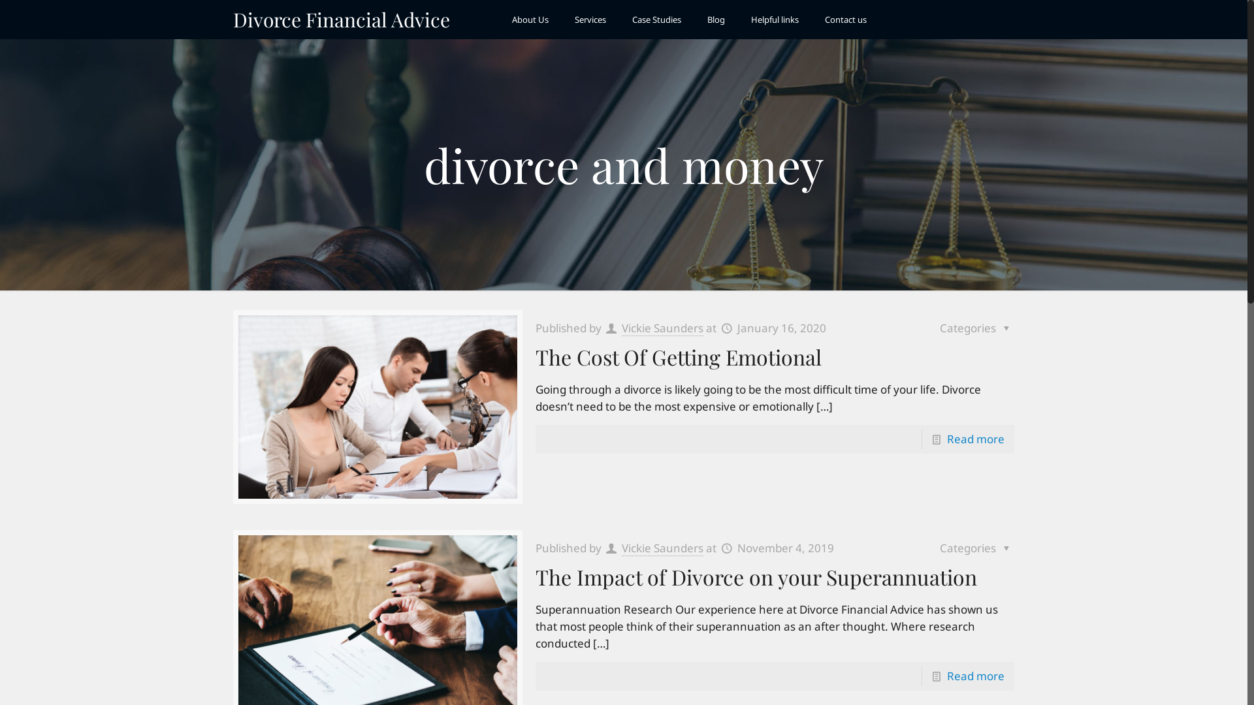  I want to click on 'Useful Tools', so click(679, 539).